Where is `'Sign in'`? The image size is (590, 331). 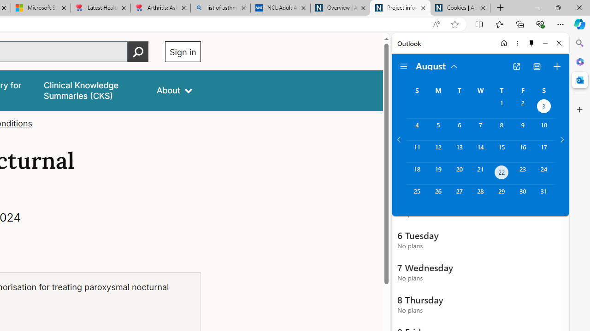
'Sign in' is located at coordinates (183, 51).